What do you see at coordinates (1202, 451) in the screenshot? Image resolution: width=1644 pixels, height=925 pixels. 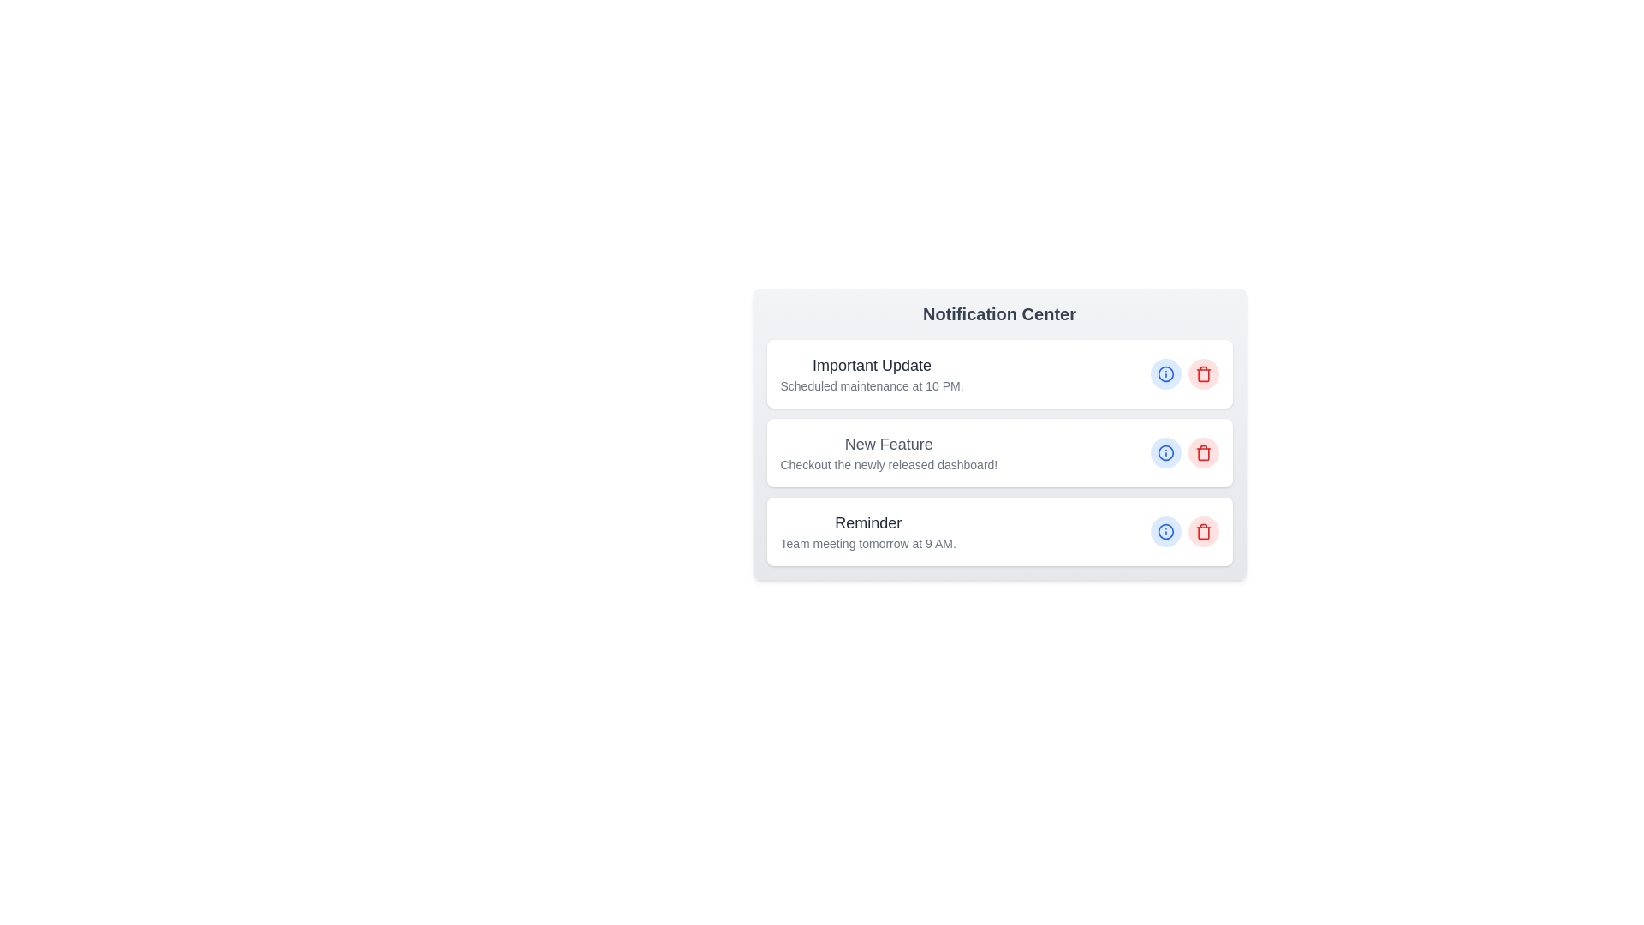 I see `delete button next to the item titled 'New Feature' to remove it from the list` at bounding box center [1202, 451].